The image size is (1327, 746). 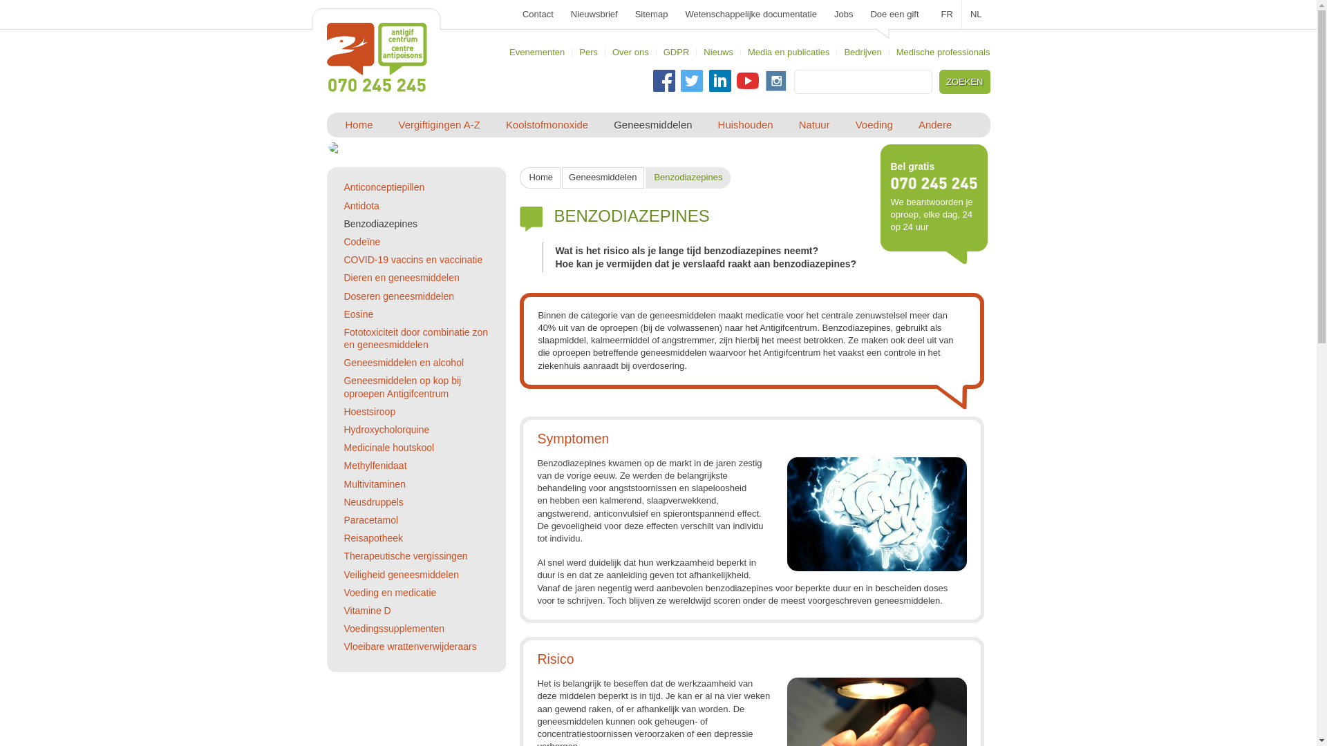 I want to click on 'Facebook', so click(x=663, y=80).